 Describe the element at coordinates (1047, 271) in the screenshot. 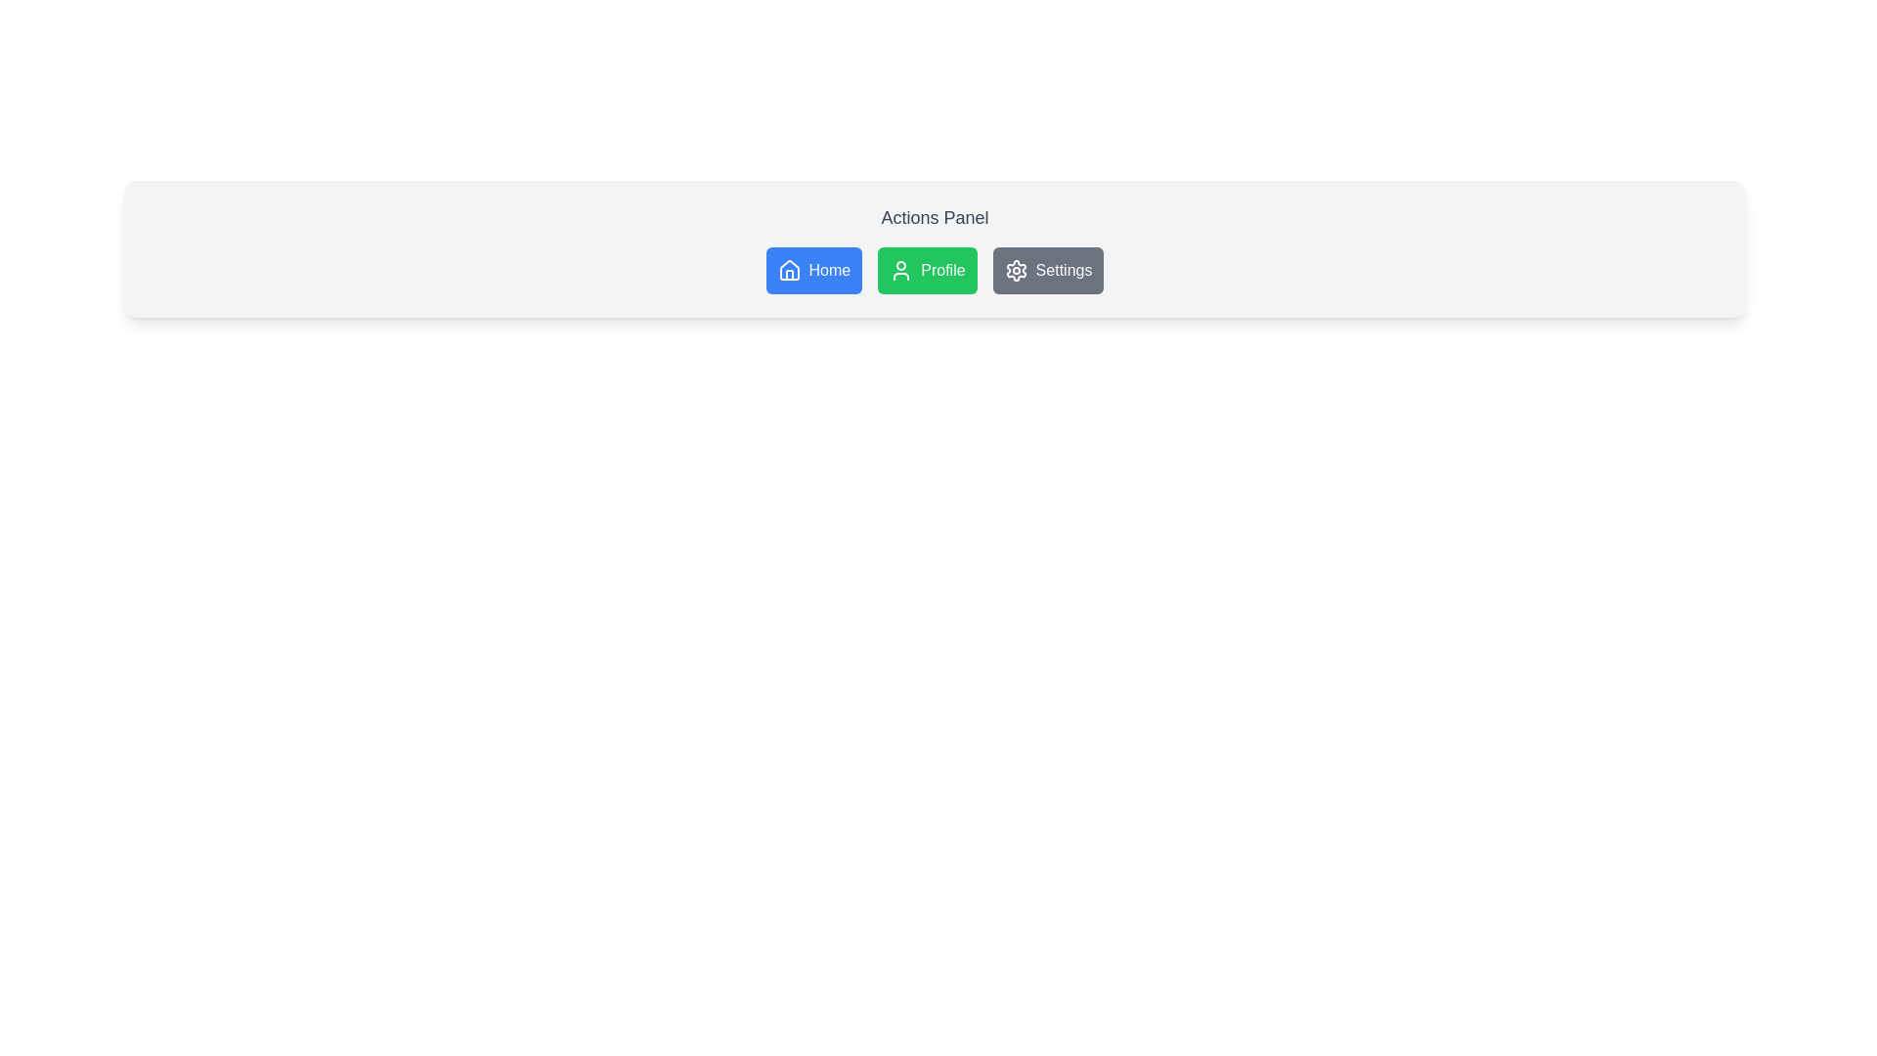

I see `the 'Settings' button, which has a gray background, white text, and a gear icon on its left side` at that location.